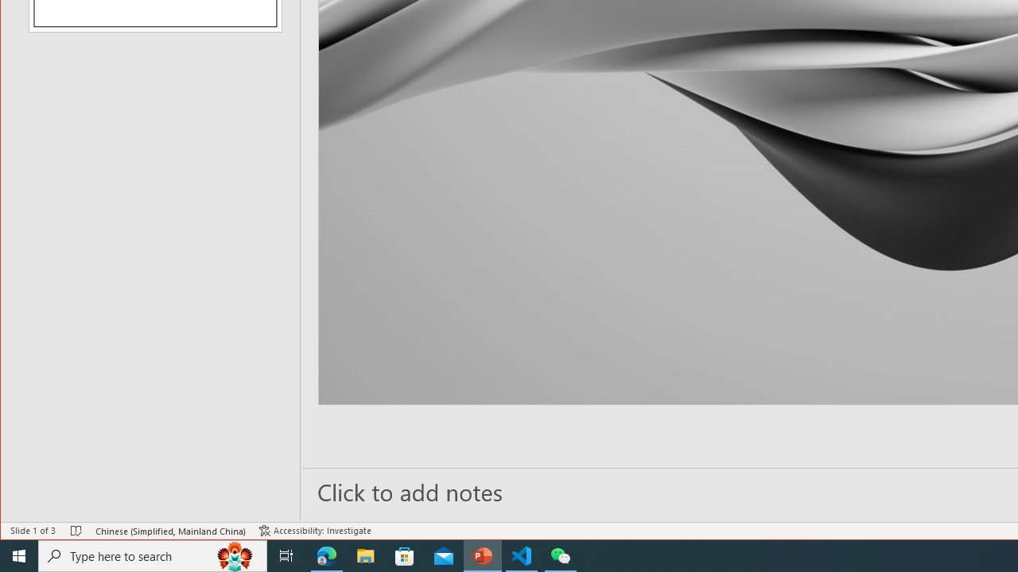 The height and width of the screenshot is (572, 1018). I want to click on 'WeChat - 1 running window', so click(561, 555).